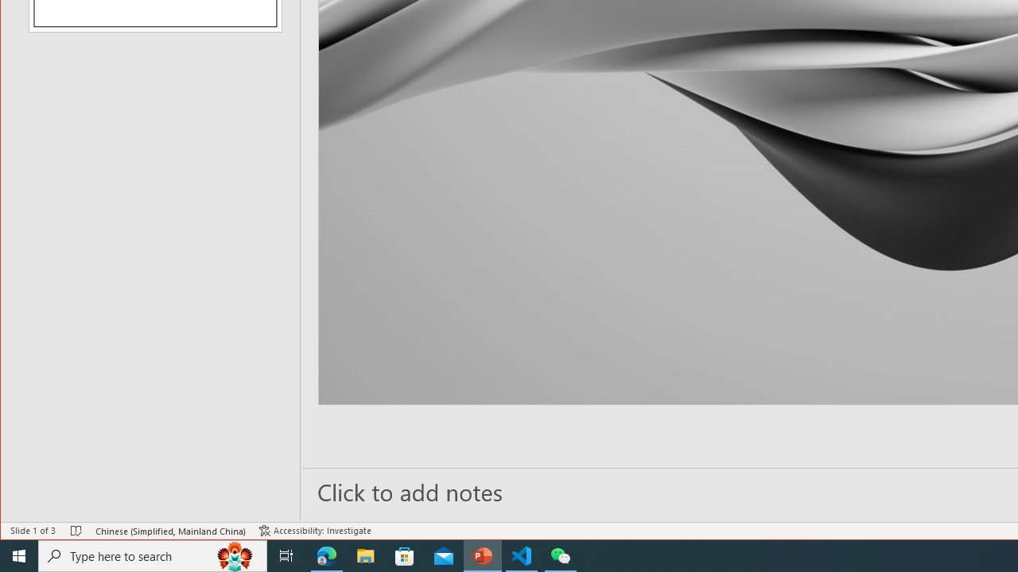 The height and width of the screenshot is (572, 1018). I want to click on 'WeChat - 1 running window', so click(561, 555).